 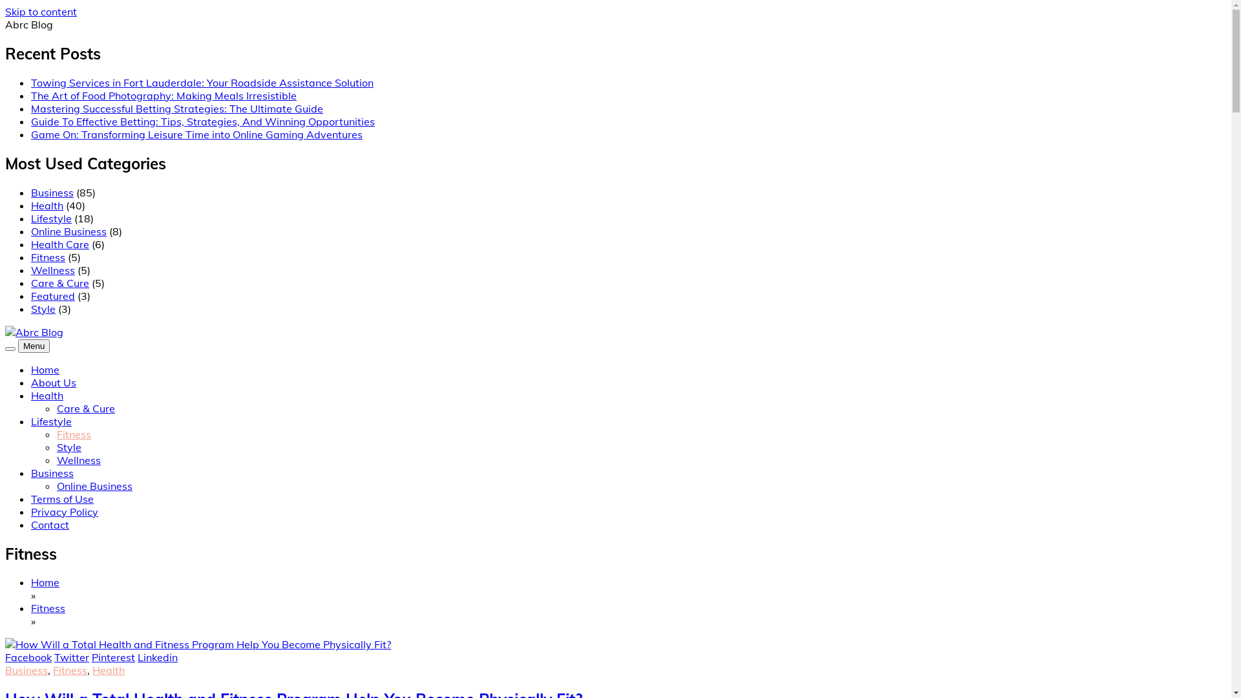 What do you see at coordinates (113, 657) in the screenshot?
I see `'Pinterest'` at bounding box center [113, 657].